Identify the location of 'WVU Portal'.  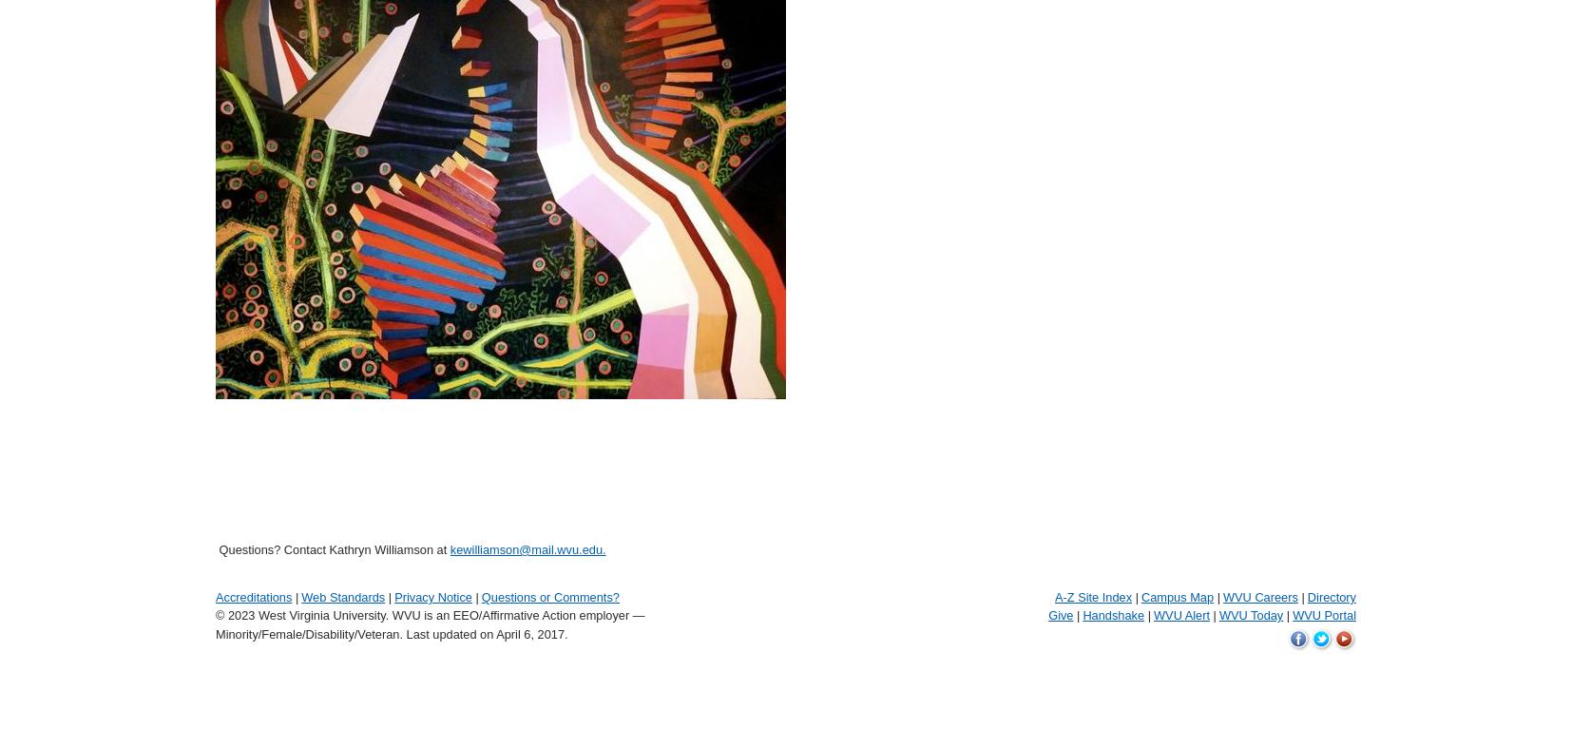
(1324, 614).